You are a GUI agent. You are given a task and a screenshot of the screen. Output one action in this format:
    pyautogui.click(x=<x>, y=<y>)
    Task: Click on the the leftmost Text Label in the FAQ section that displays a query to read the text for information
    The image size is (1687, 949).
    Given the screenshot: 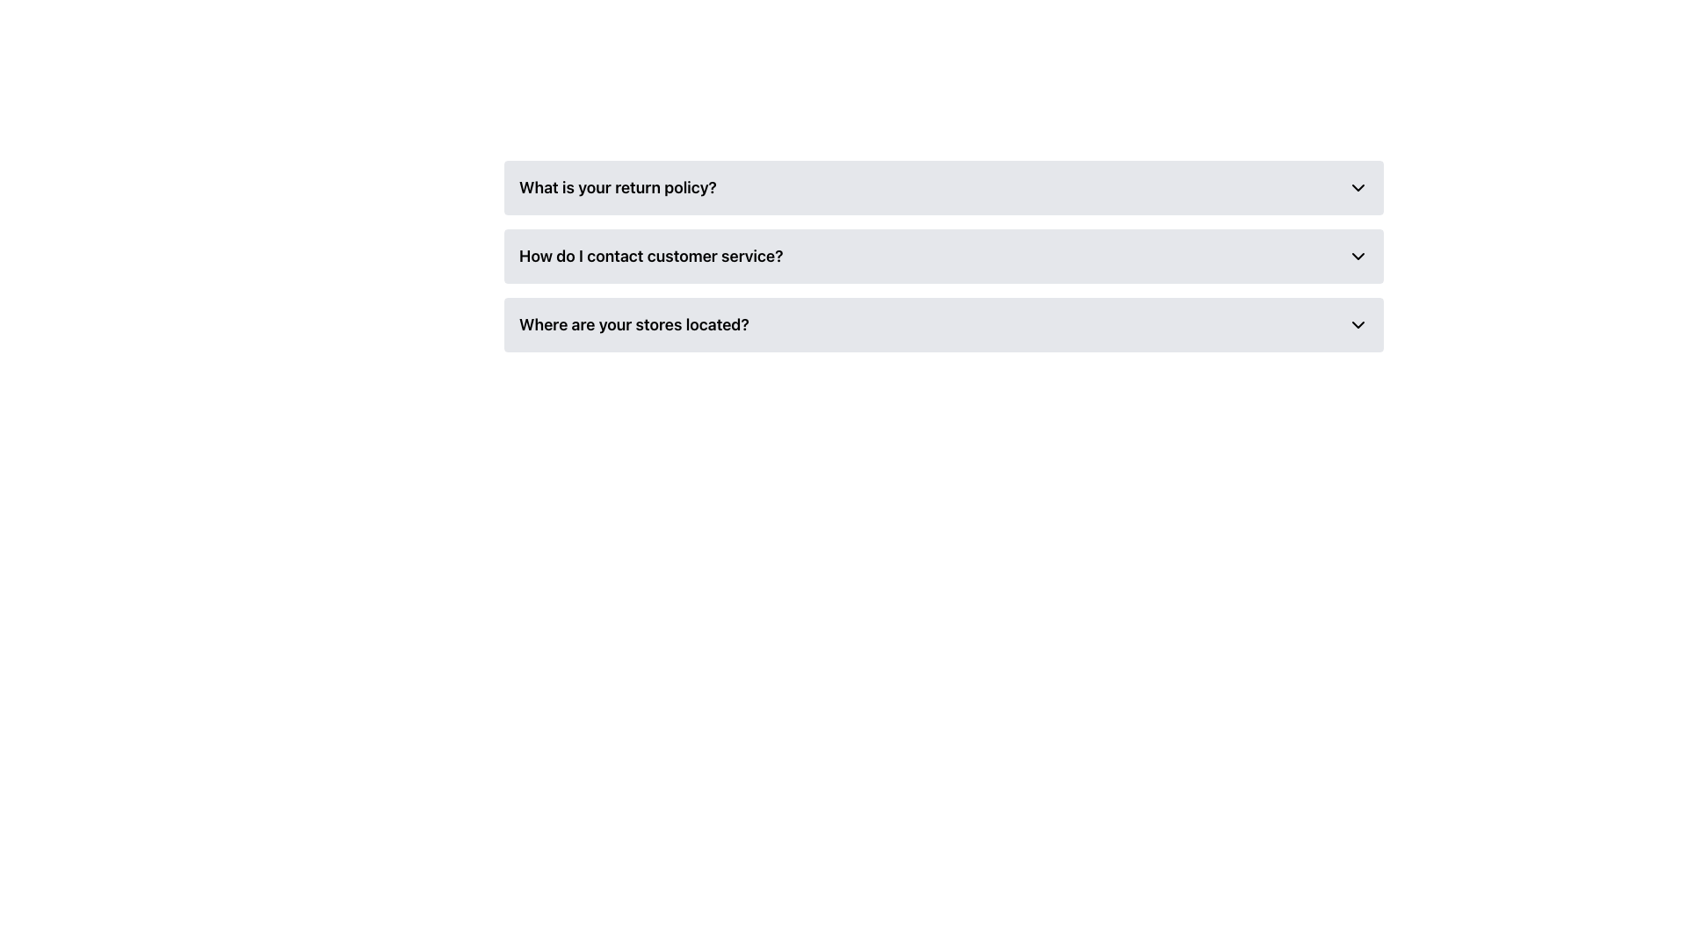 What is the action you would take?
    pyautogui.click(x=633, y=325)
    